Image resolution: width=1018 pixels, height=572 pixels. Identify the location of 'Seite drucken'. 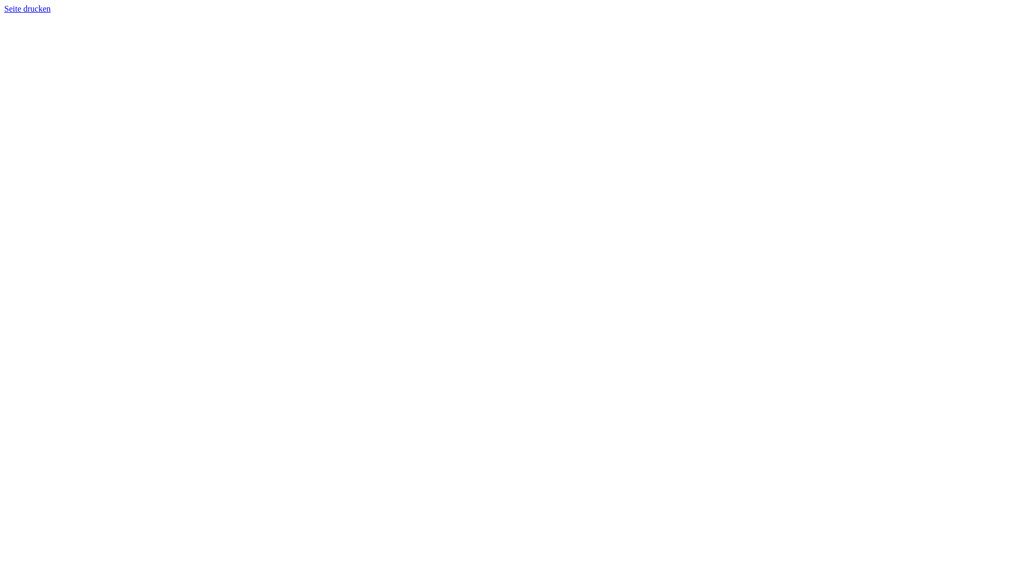
(28, 8).